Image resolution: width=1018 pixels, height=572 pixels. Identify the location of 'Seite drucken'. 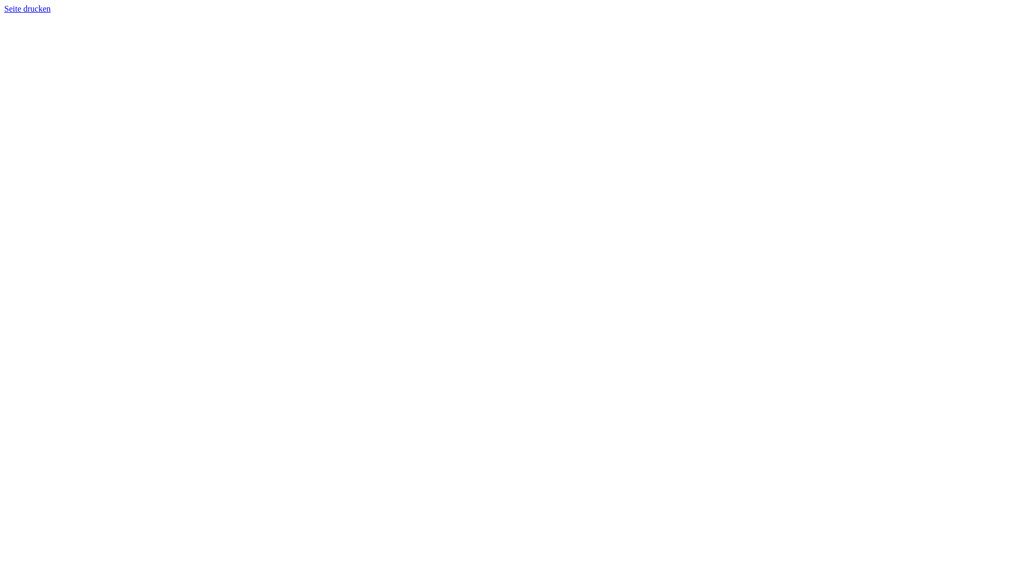
(28, 8).